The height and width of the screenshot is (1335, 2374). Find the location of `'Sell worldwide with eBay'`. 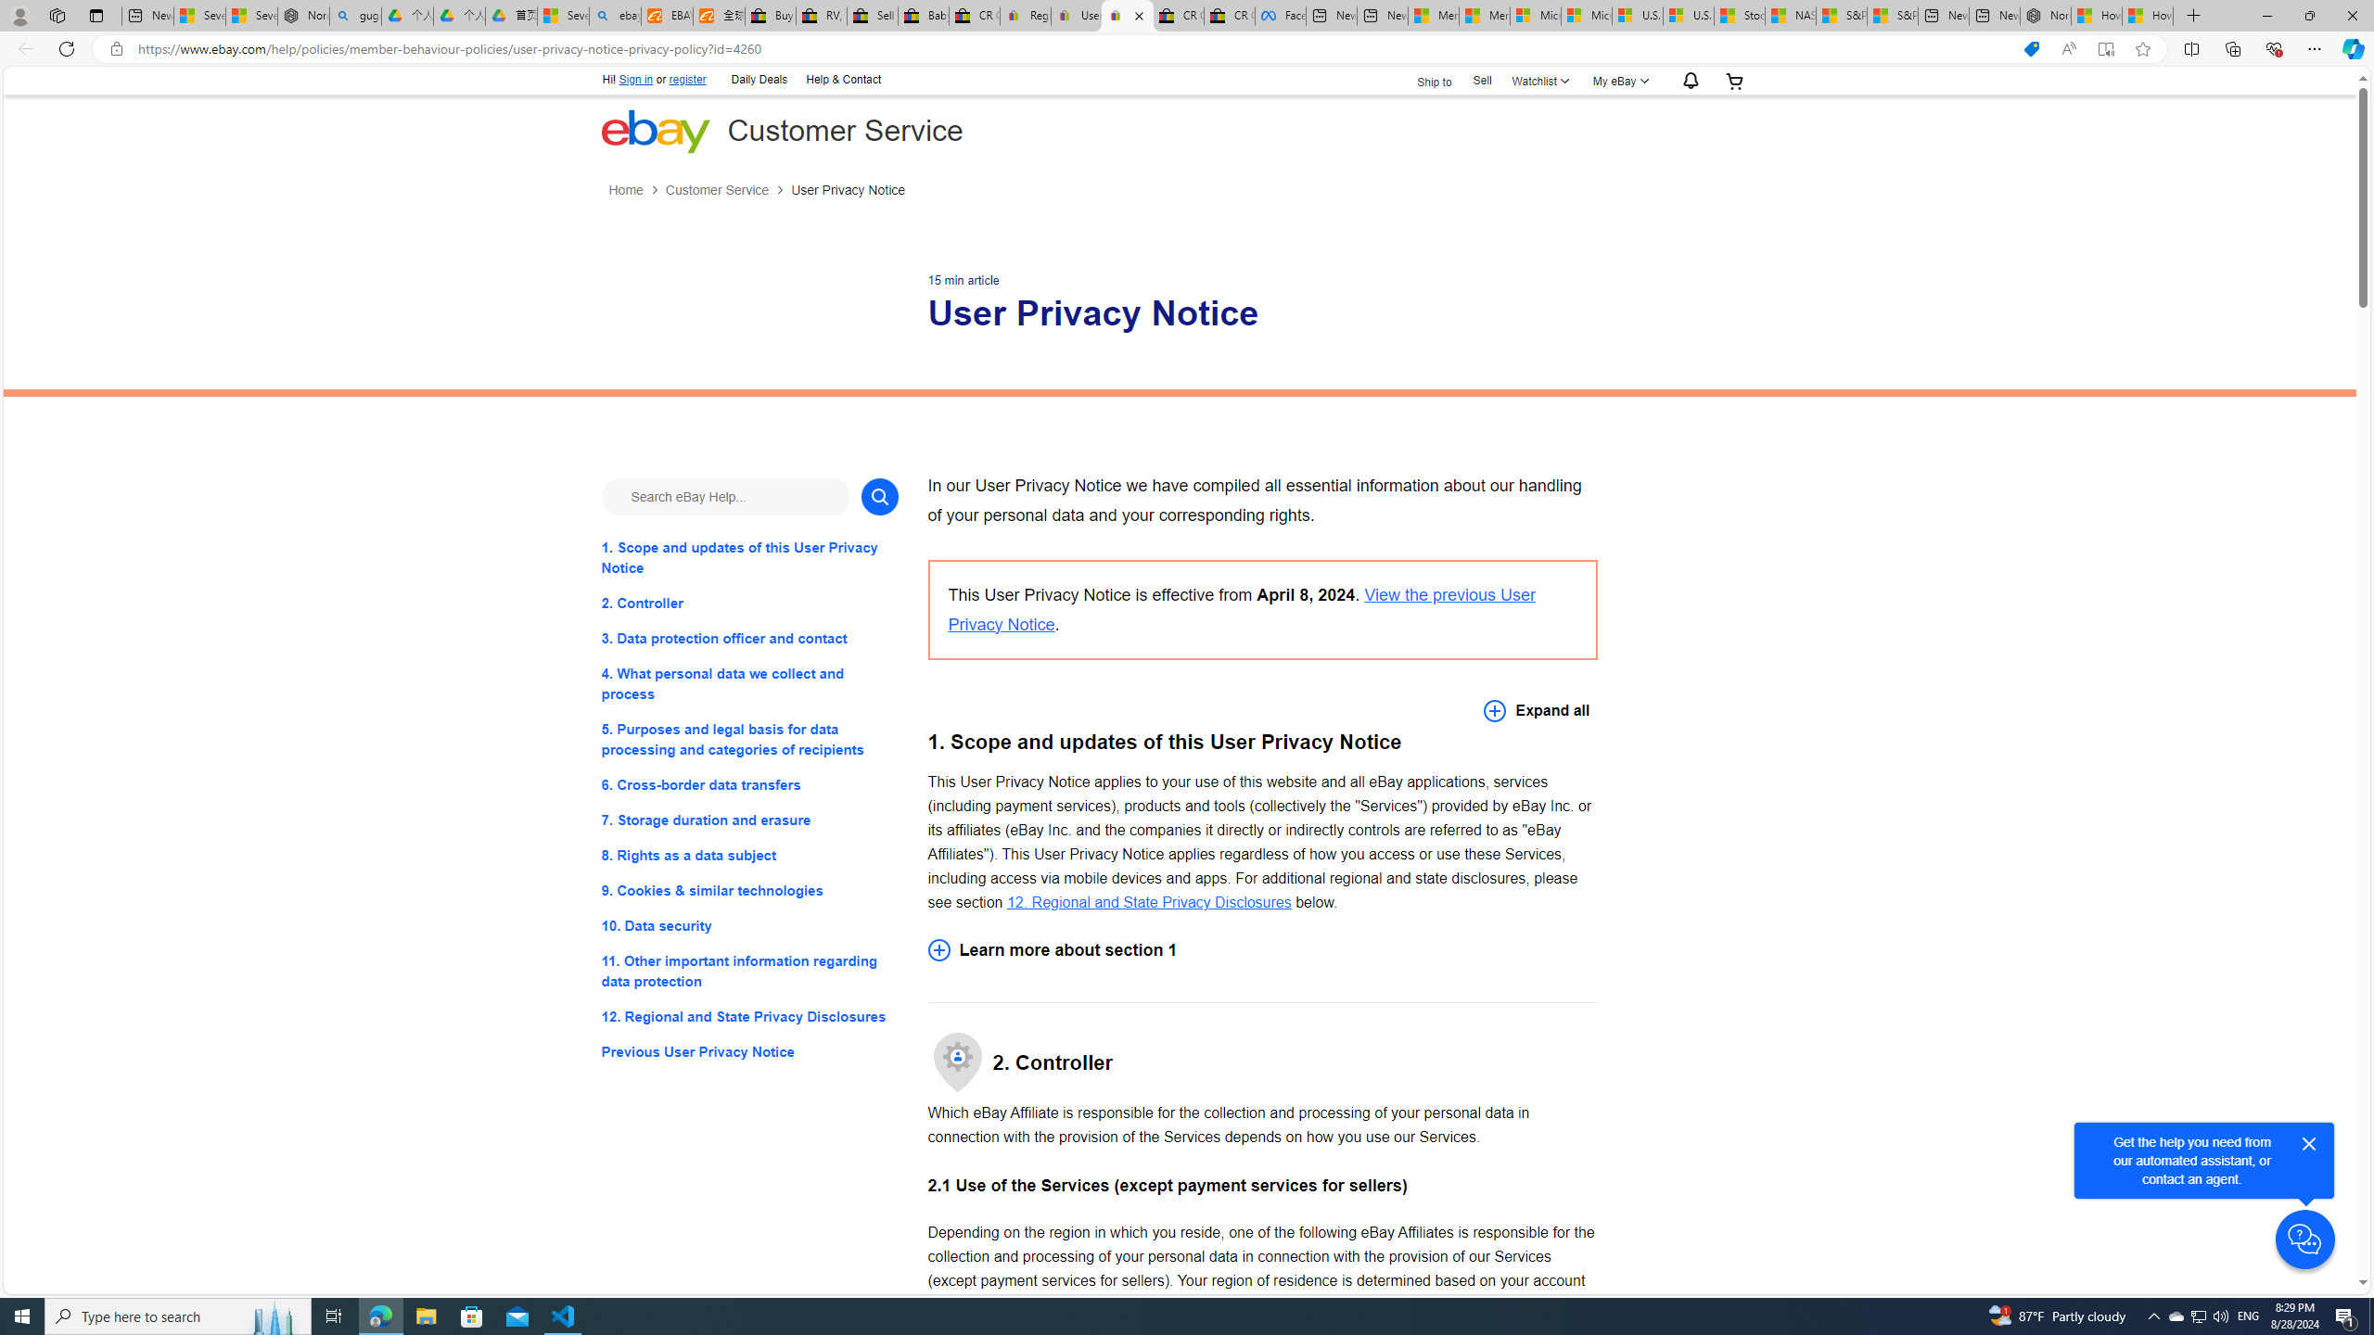

'Sell worldwide with eBay' is located at coordinates (873, 15).